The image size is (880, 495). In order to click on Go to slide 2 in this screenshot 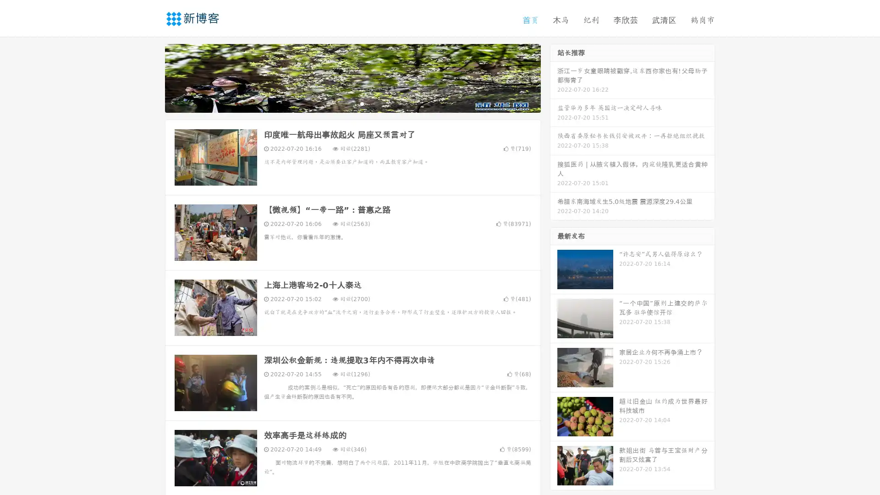, I will do `click(352, 103)`.